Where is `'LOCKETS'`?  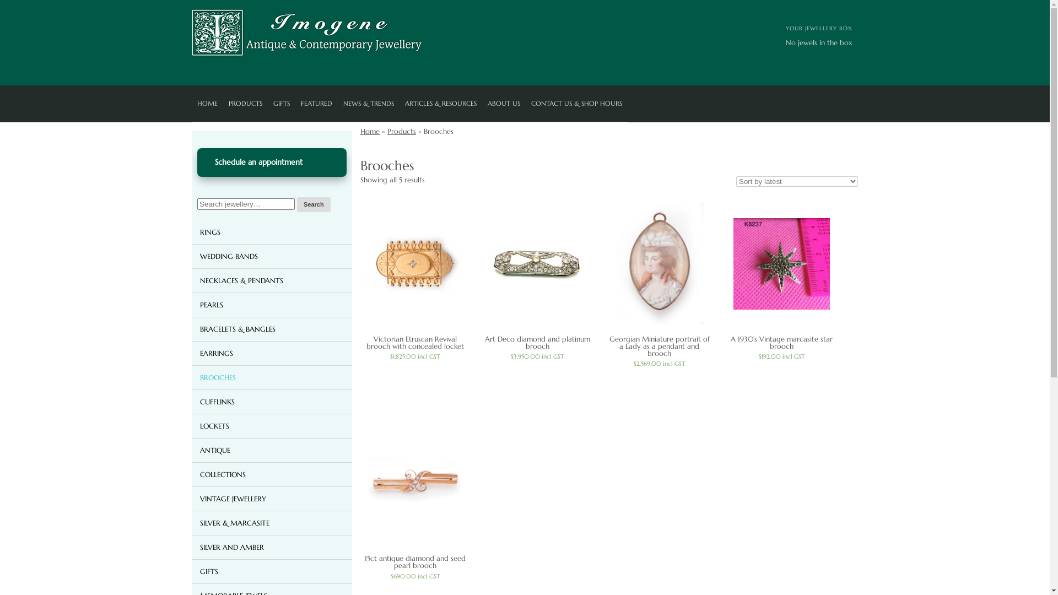
'LOCKETS' is located at coordinates (191, 425).